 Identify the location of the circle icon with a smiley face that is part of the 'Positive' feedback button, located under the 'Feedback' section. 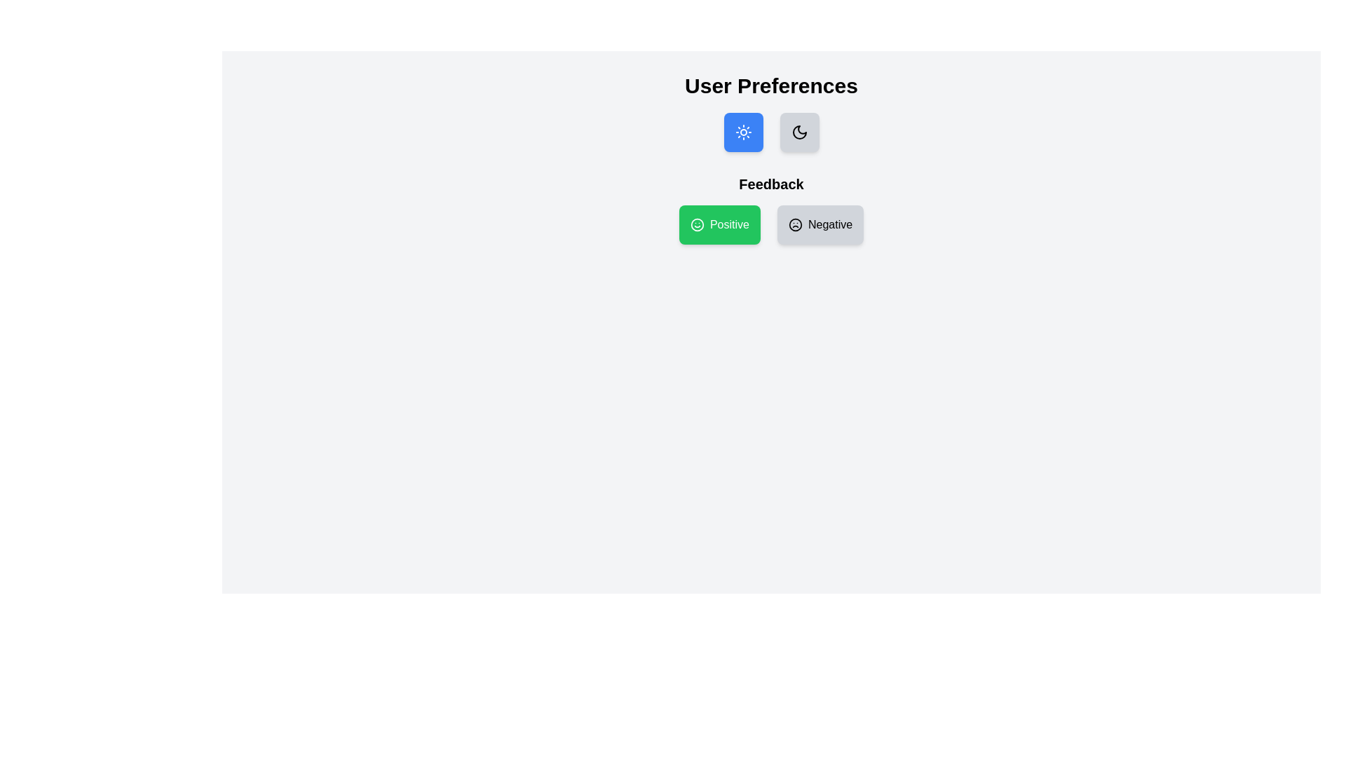
(697, 224).